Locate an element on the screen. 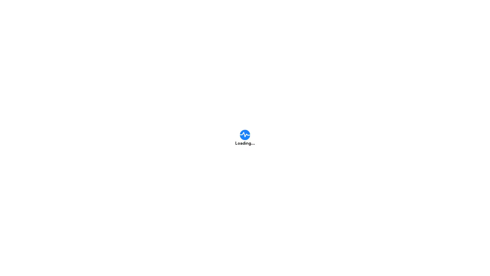 This screenshot has width=490, height=276. Support is located at coordinates (313, 10).